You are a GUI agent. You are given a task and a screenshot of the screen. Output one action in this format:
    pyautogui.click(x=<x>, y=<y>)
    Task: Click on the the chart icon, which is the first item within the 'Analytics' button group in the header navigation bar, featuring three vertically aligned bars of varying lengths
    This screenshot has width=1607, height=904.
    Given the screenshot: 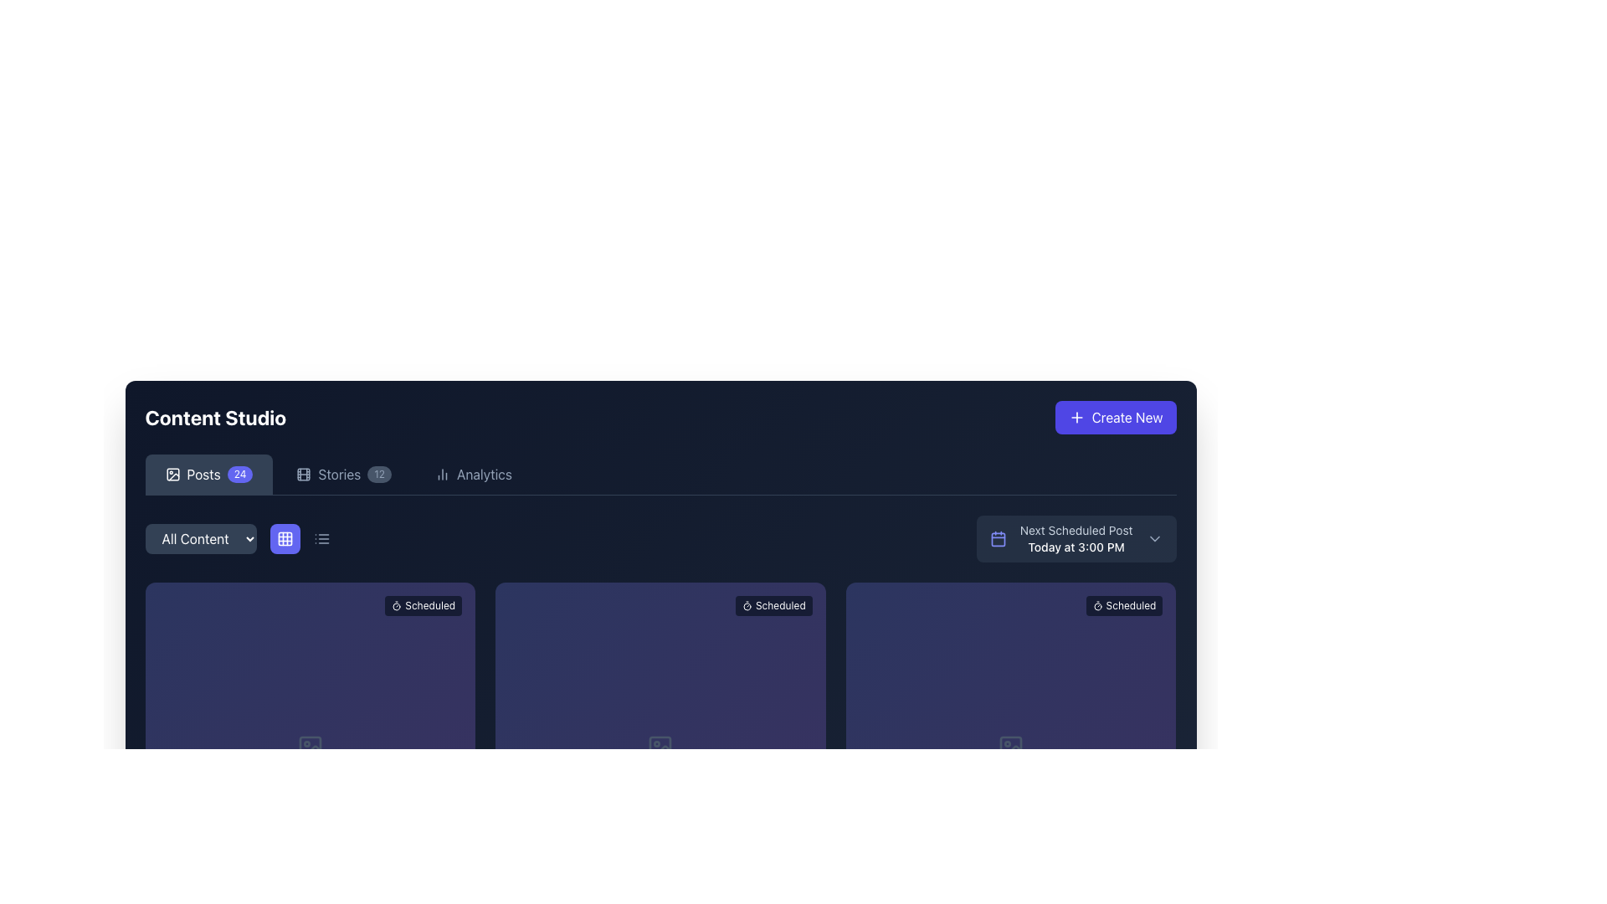 What is the action you would take?
    pyautogui.click(x=442, y=475)
    